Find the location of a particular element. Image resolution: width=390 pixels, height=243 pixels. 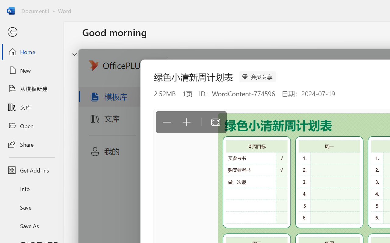

'Get Add-ins' is located at coordinates (31, 170).